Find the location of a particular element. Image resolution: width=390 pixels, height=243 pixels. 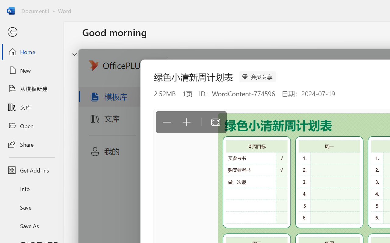

'Get Add-ins' is located at coordinates (31, 170).